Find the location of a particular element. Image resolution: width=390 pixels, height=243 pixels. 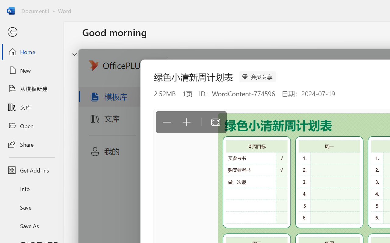

'Get Add-ins' is located at coordinates (31, 170).